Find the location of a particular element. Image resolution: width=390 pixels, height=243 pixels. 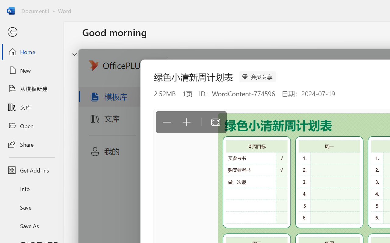

'Get Add-ins' is located at coordinates (31, 170).